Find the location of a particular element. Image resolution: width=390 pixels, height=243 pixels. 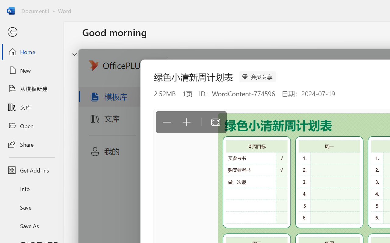

'Get Add-ins' is located at coordinates (31, 170).